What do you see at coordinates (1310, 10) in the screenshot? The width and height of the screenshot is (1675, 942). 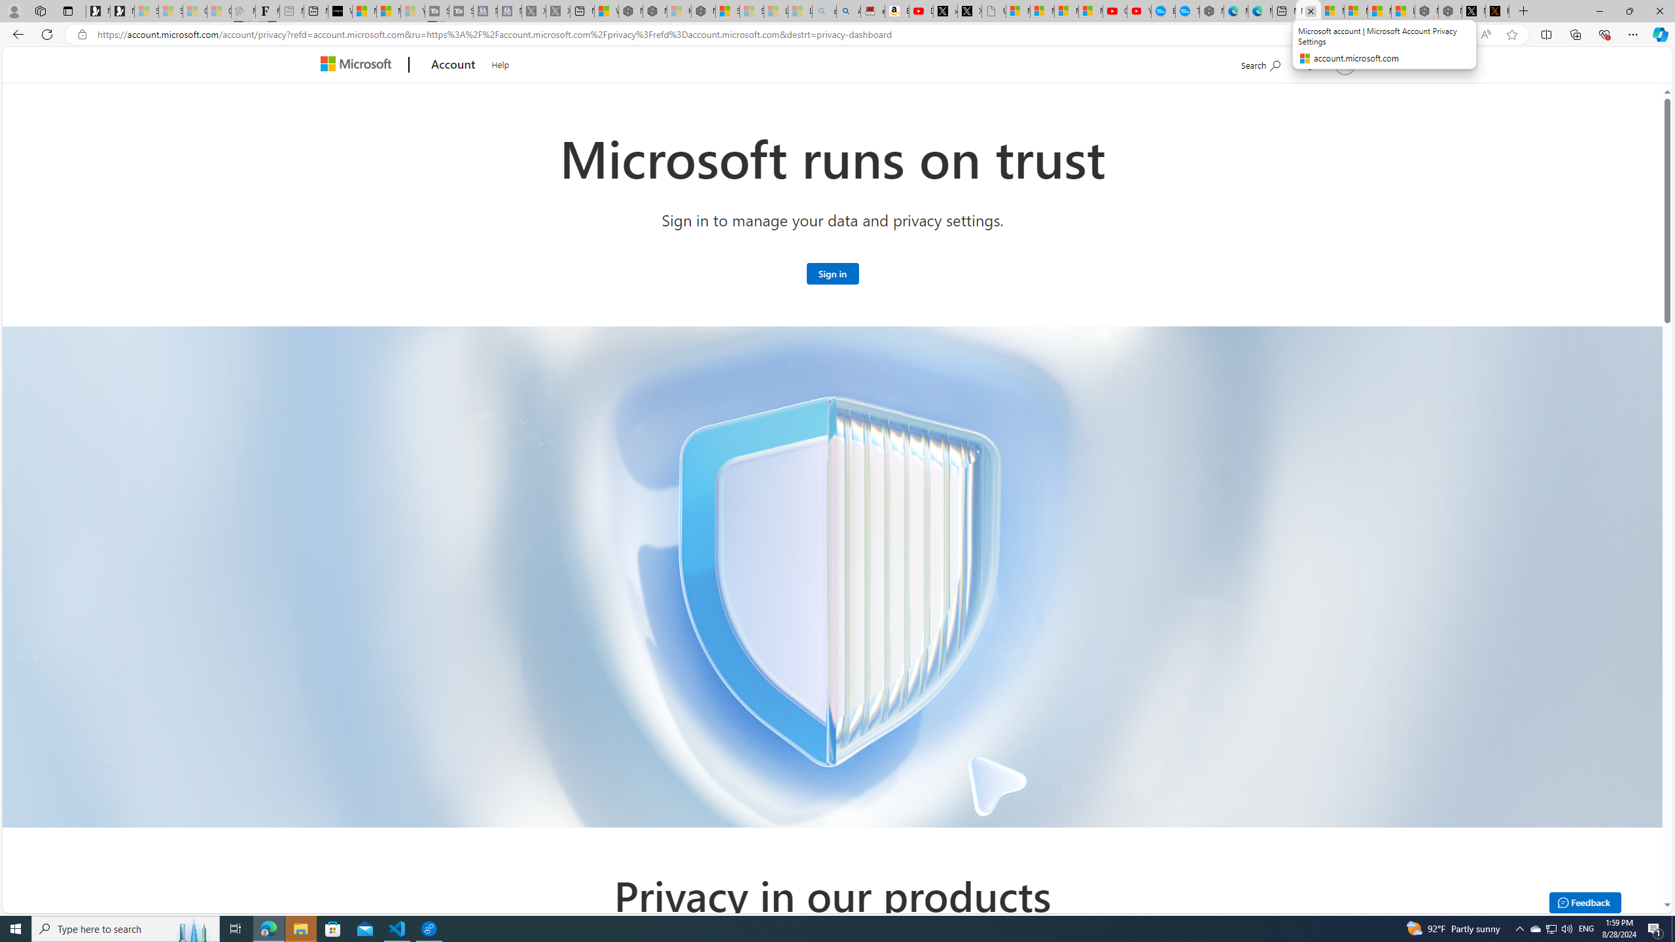 I see `'Close tab'` at bounding box center [1310, 10].